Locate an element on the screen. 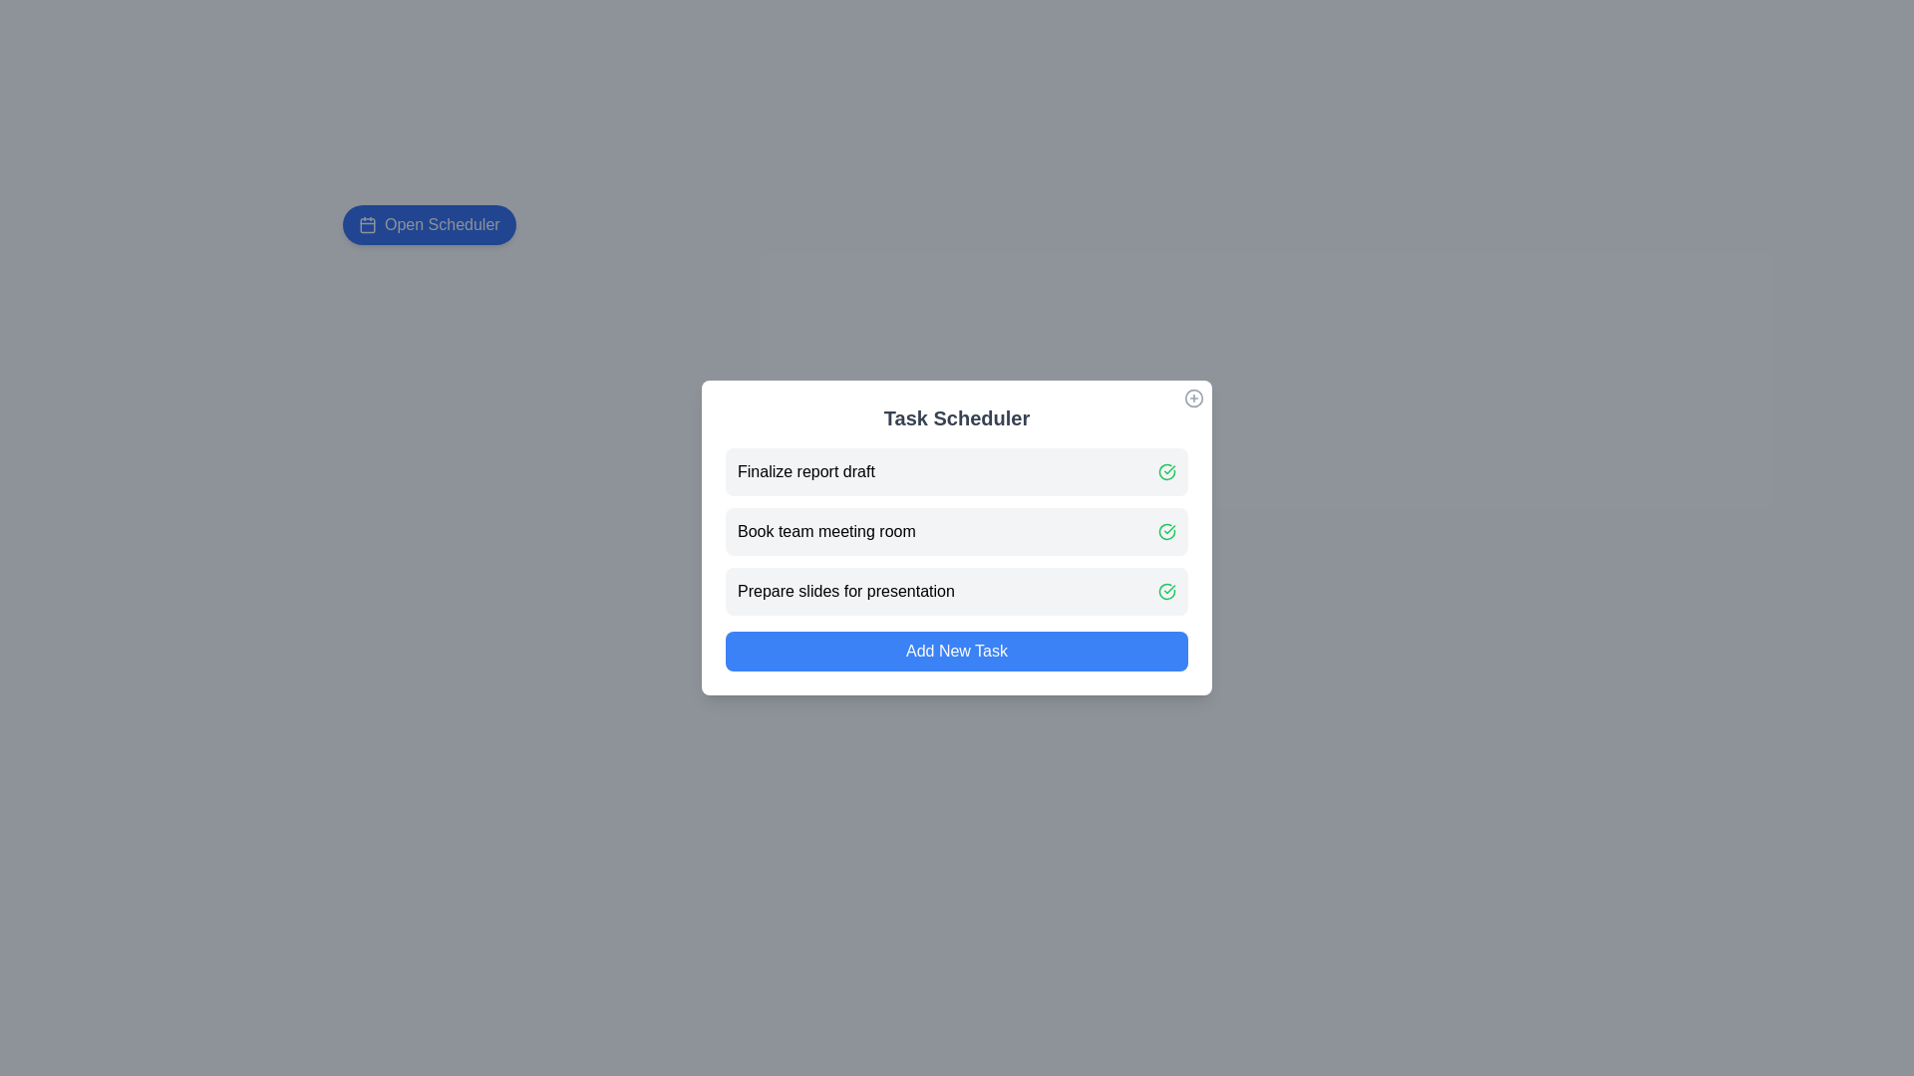  the static text label reading 'Finalize report draft' that is located at the top of the list inside the 'Task Scheduler' card is located at coordinates (805, 472).